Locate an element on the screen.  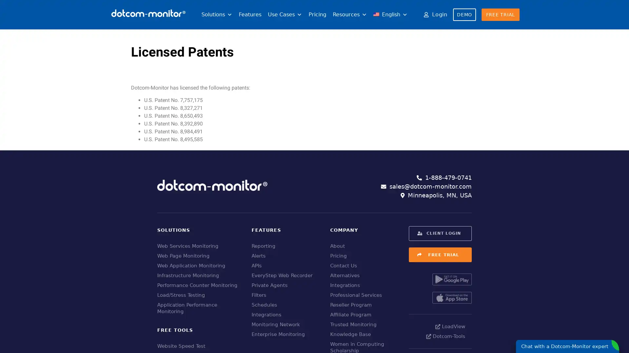
FREE TRIAL is located at coordinates (500, 15).